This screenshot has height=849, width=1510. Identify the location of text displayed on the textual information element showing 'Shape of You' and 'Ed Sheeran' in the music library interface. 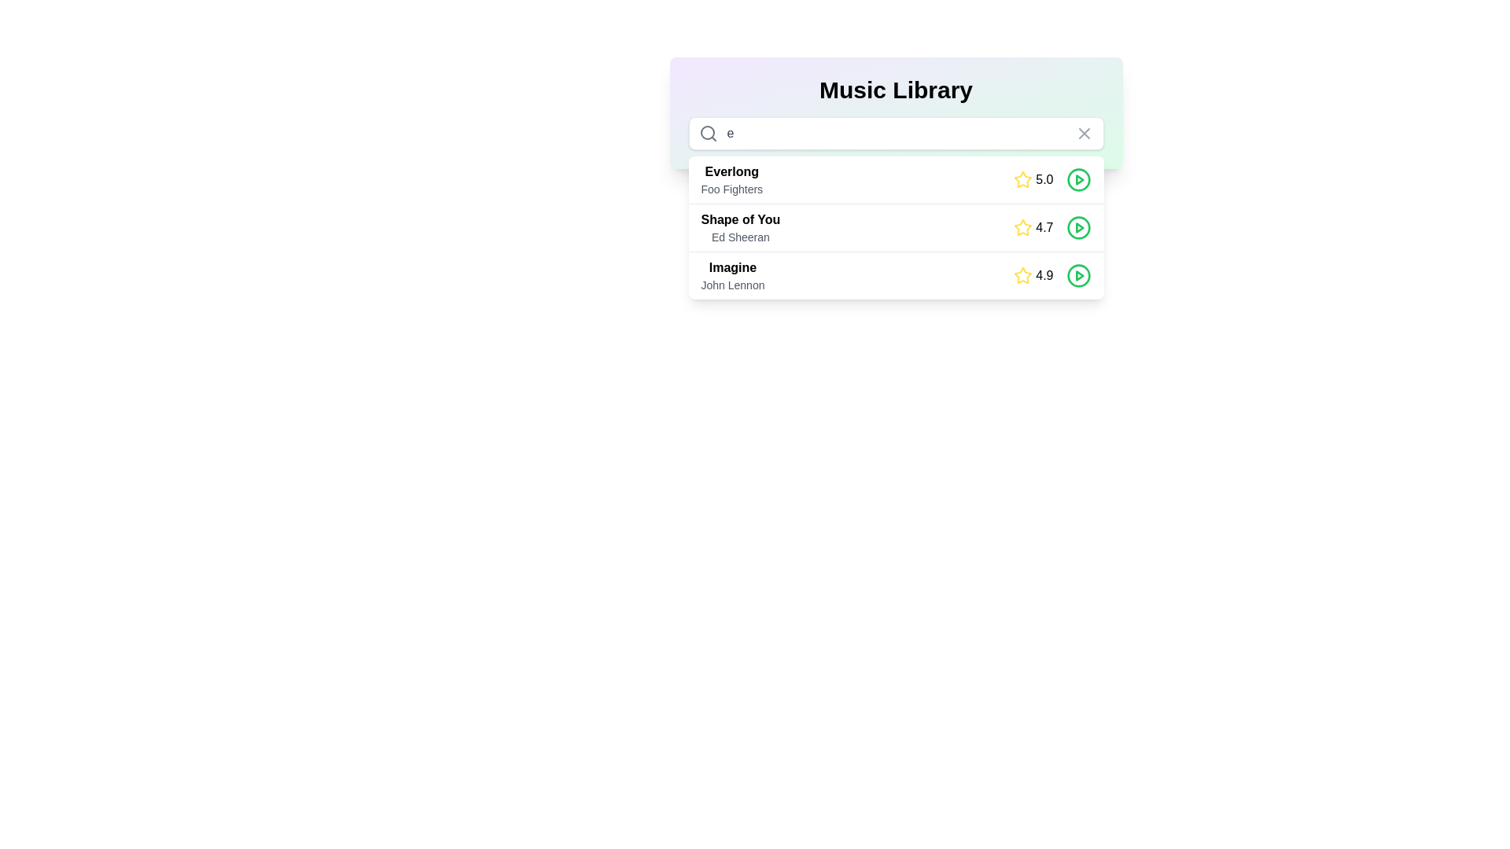
(739, 227).